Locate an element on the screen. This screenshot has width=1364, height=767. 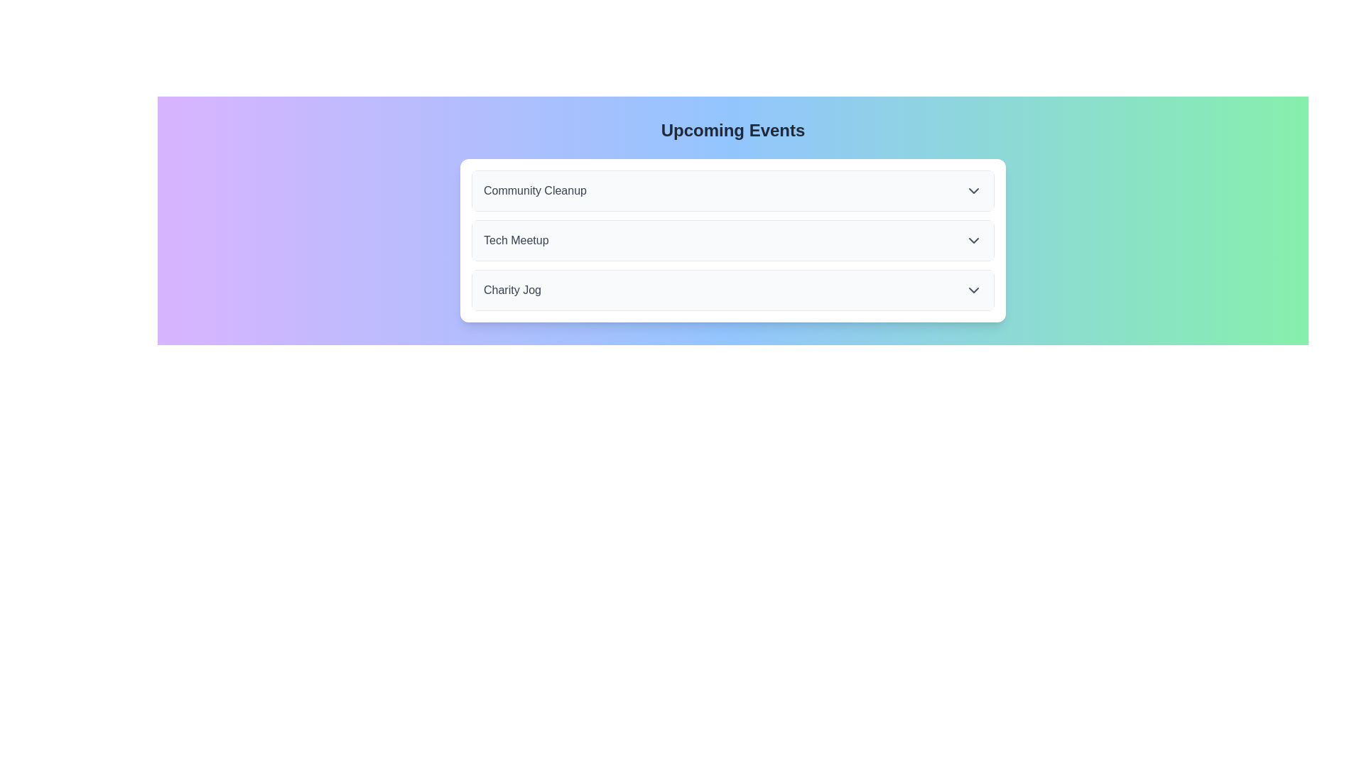
text of the label that serves as a title for an event, positioned between 'Community Cleanup' and 'Charity Jog' in the vertical list is located at coordinates (515, 240).